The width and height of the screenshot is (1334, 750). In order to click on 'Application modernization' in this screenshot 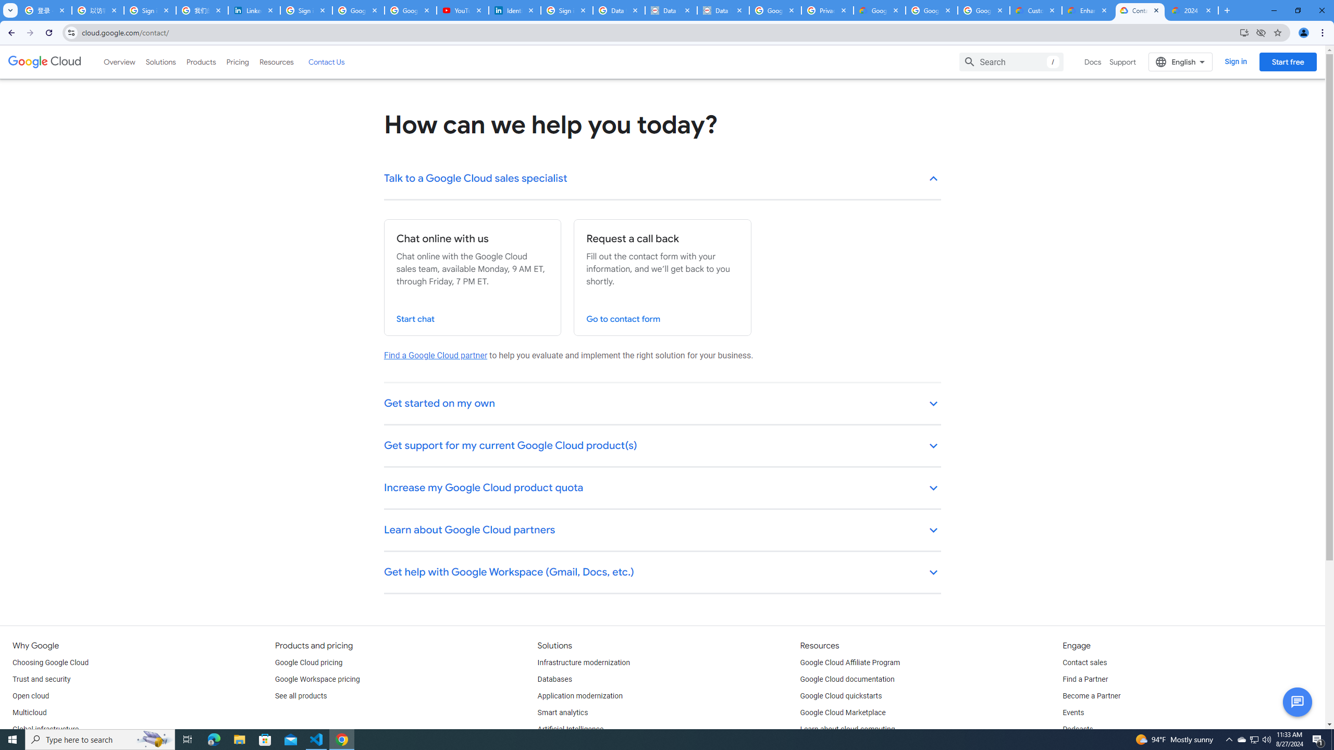, I will do `click(579, 696)`.